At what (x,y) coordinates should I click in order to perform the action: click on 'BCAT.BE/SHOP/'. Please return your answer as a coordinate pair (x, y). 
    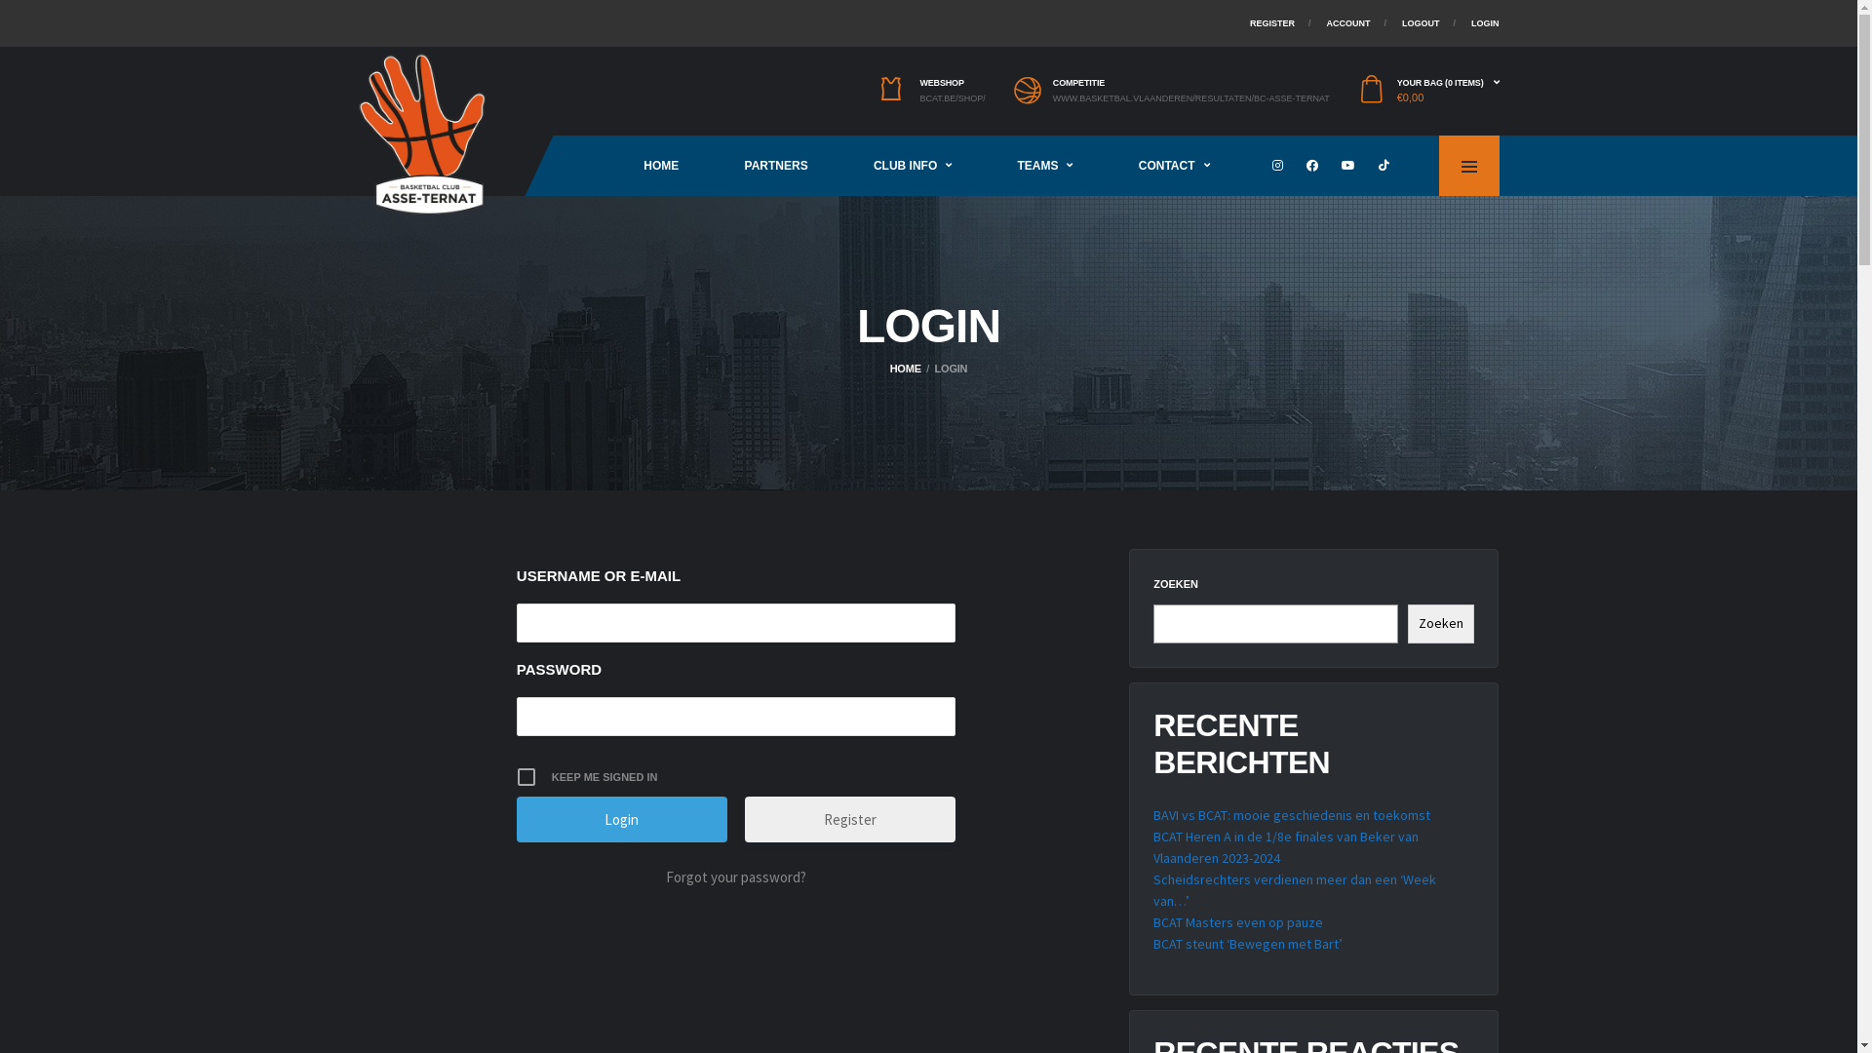
    Looking at the image, I should click on (952, 98).